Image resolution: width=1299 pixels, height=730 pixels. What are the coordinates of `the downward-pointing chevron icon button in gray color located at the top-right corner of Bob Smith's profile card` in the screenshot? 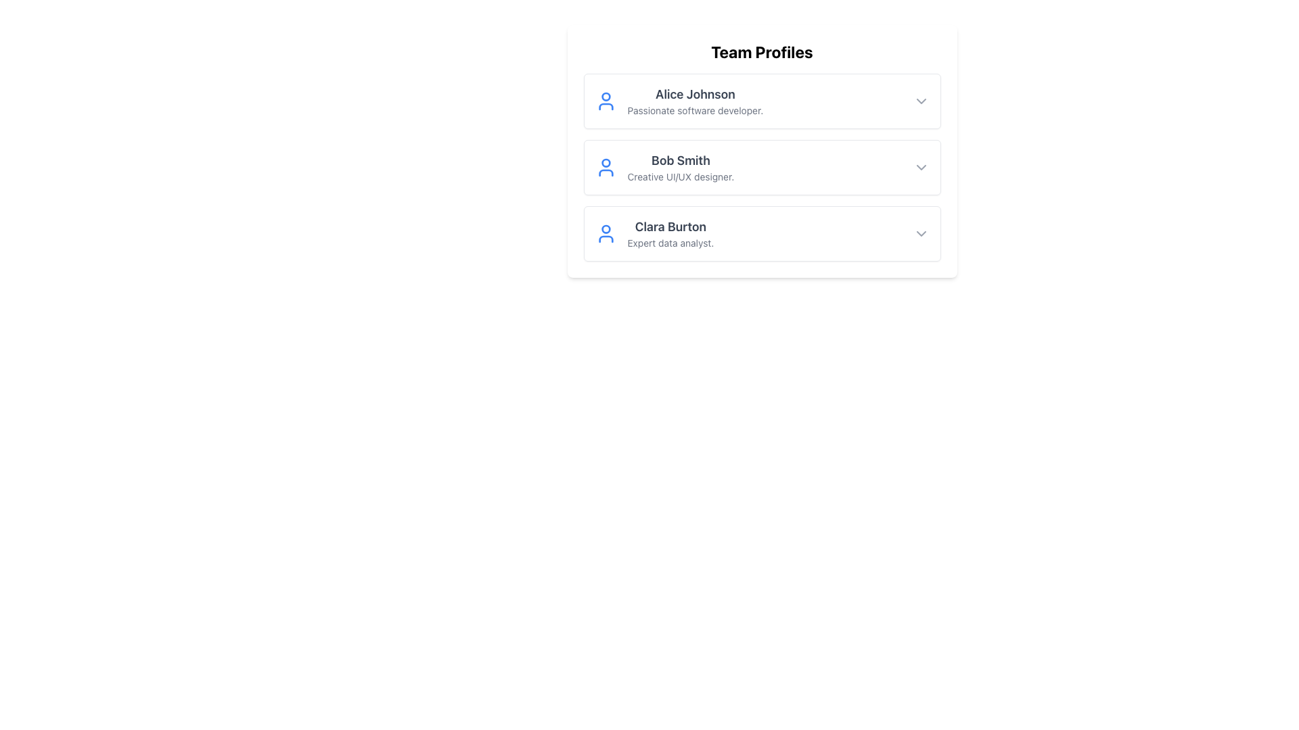 It's located at (920, 166).